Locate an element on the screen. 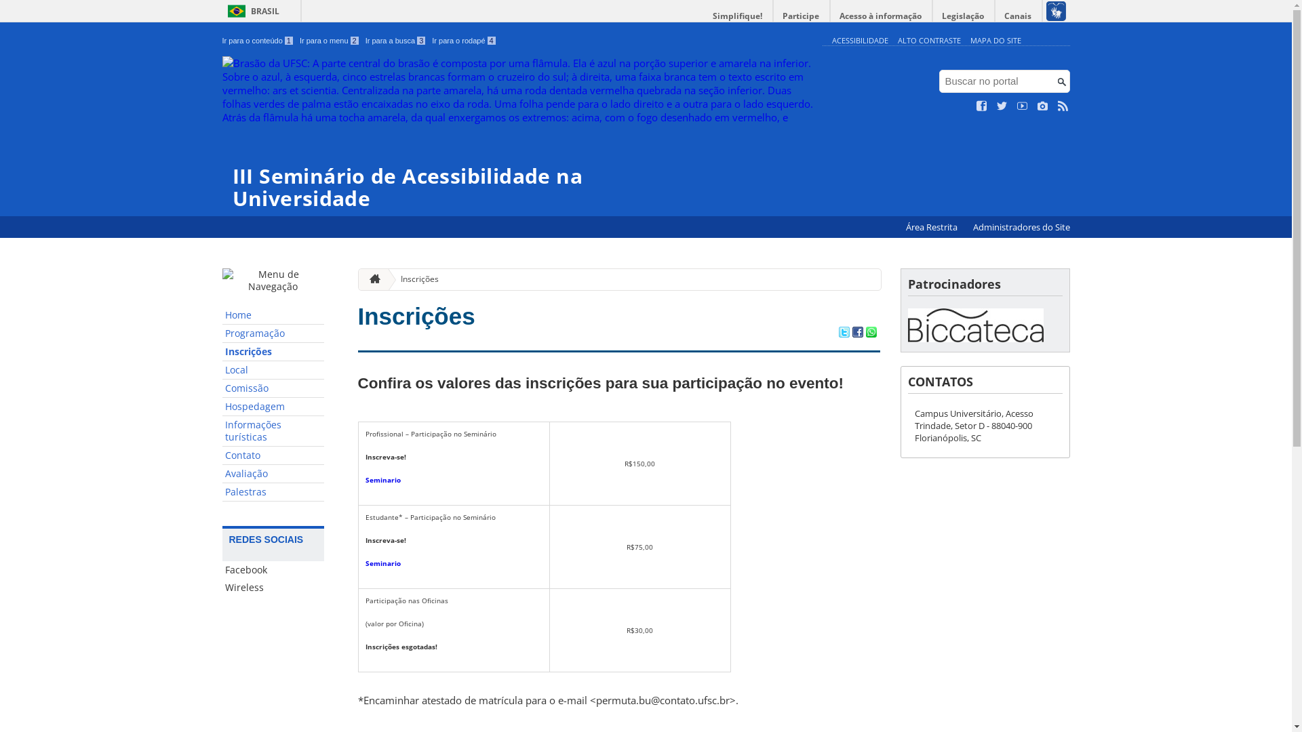 This screenshot has width=1302, height=732. 'BRASIL' is located at coordinates (251, 11).